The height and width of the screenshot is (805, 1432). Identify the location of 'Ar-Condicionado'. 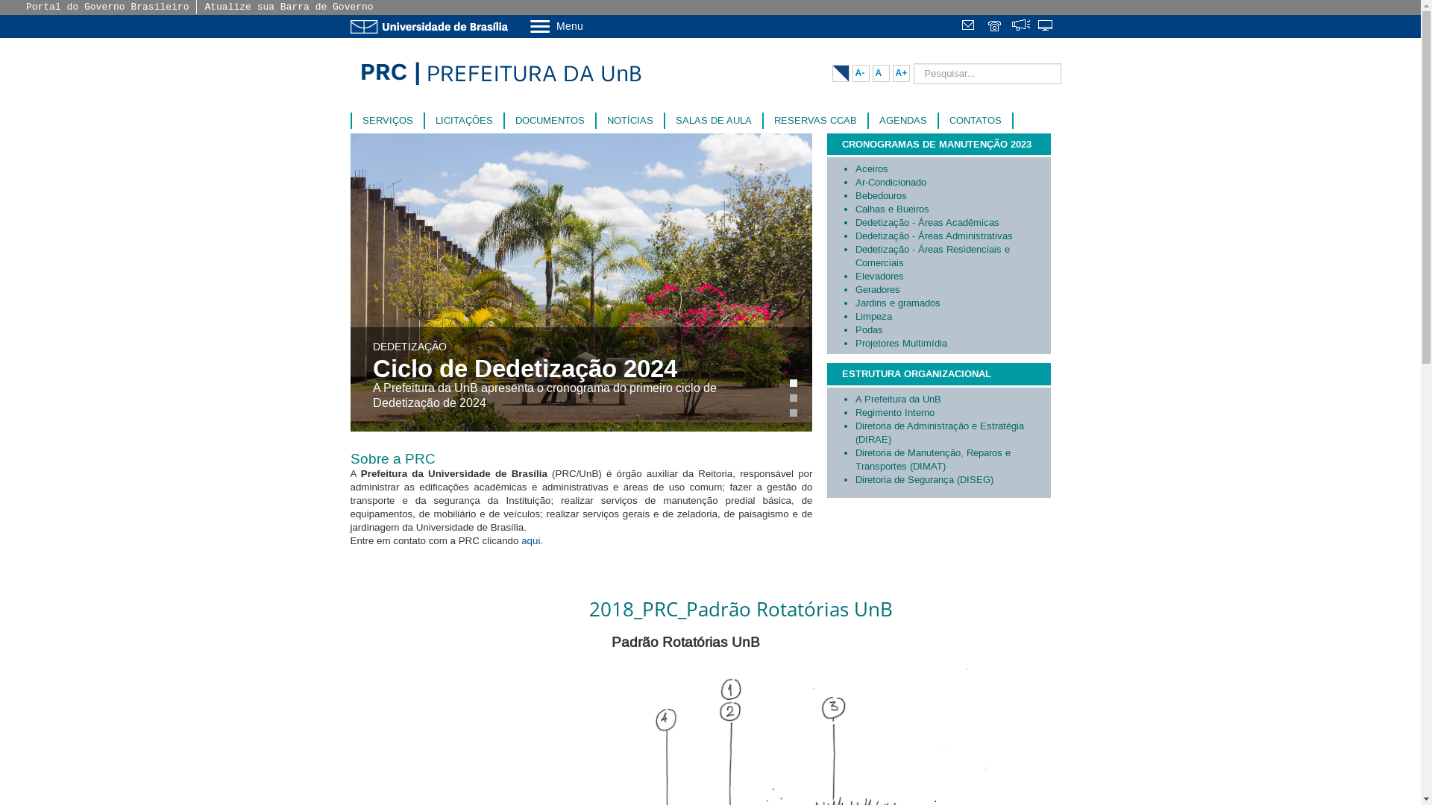
(950, 182).